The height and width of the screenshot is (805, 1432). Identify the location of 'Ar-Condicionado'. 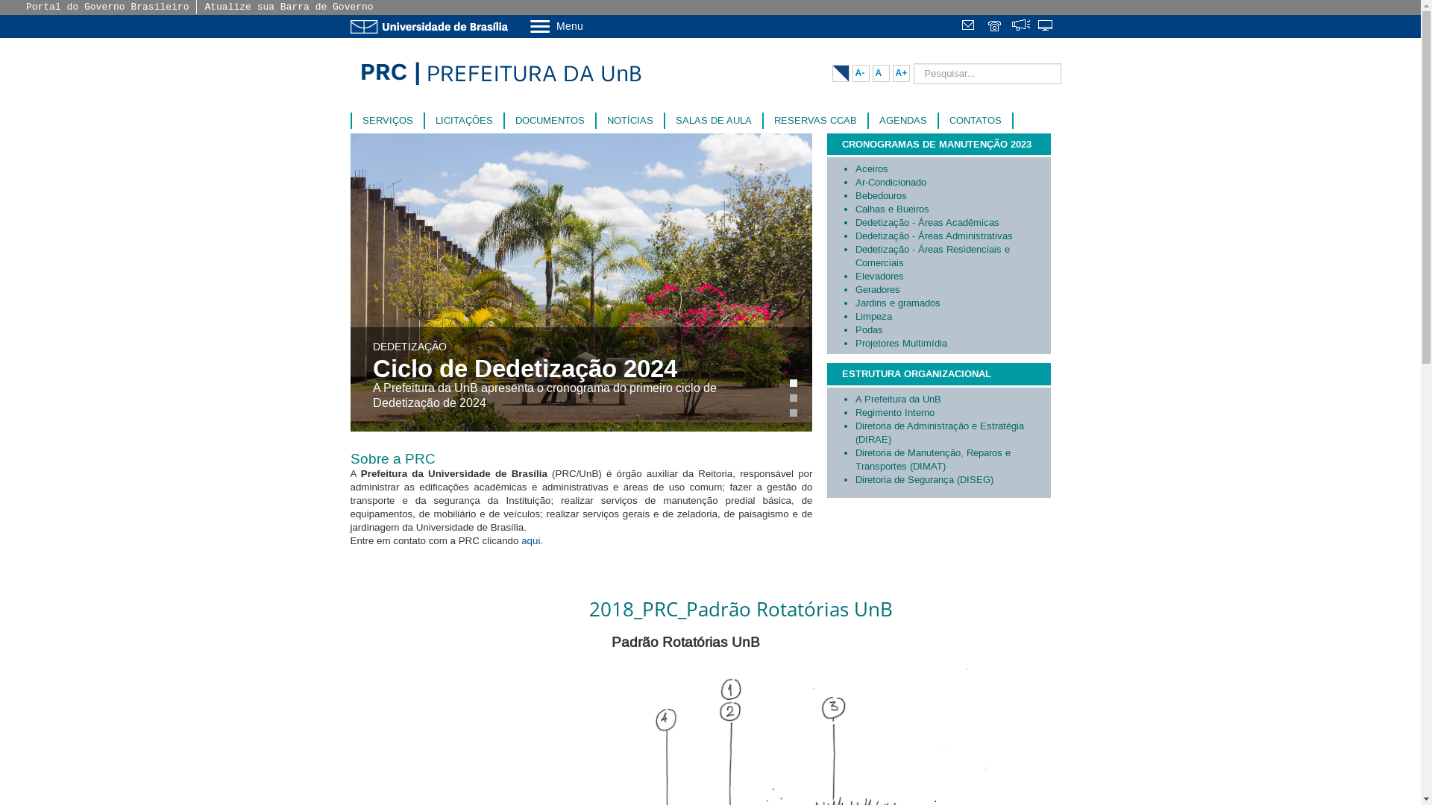
(950, 182).